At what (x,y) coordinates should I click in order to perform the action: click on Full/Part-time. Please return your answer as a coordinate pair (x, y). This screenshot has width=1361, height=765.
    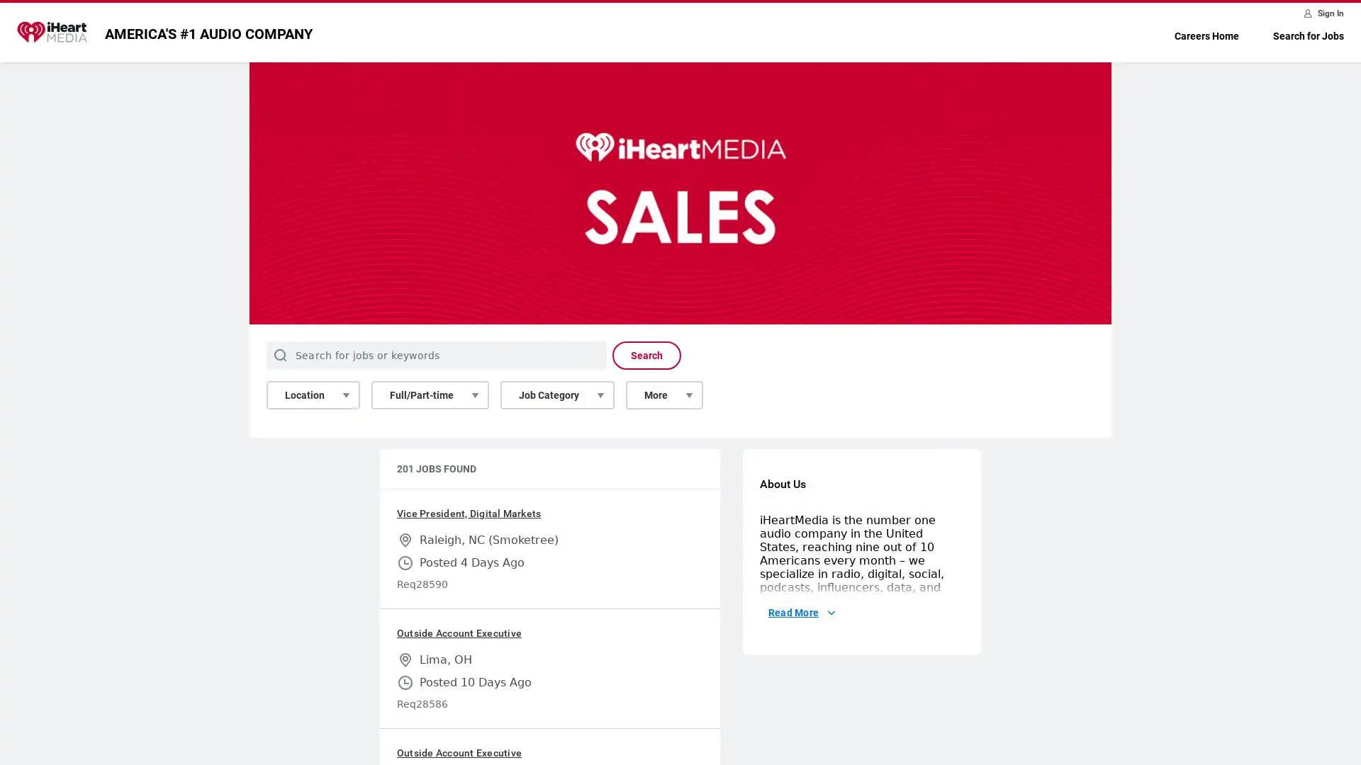
    Looking at the image, I should click on (429, 395).